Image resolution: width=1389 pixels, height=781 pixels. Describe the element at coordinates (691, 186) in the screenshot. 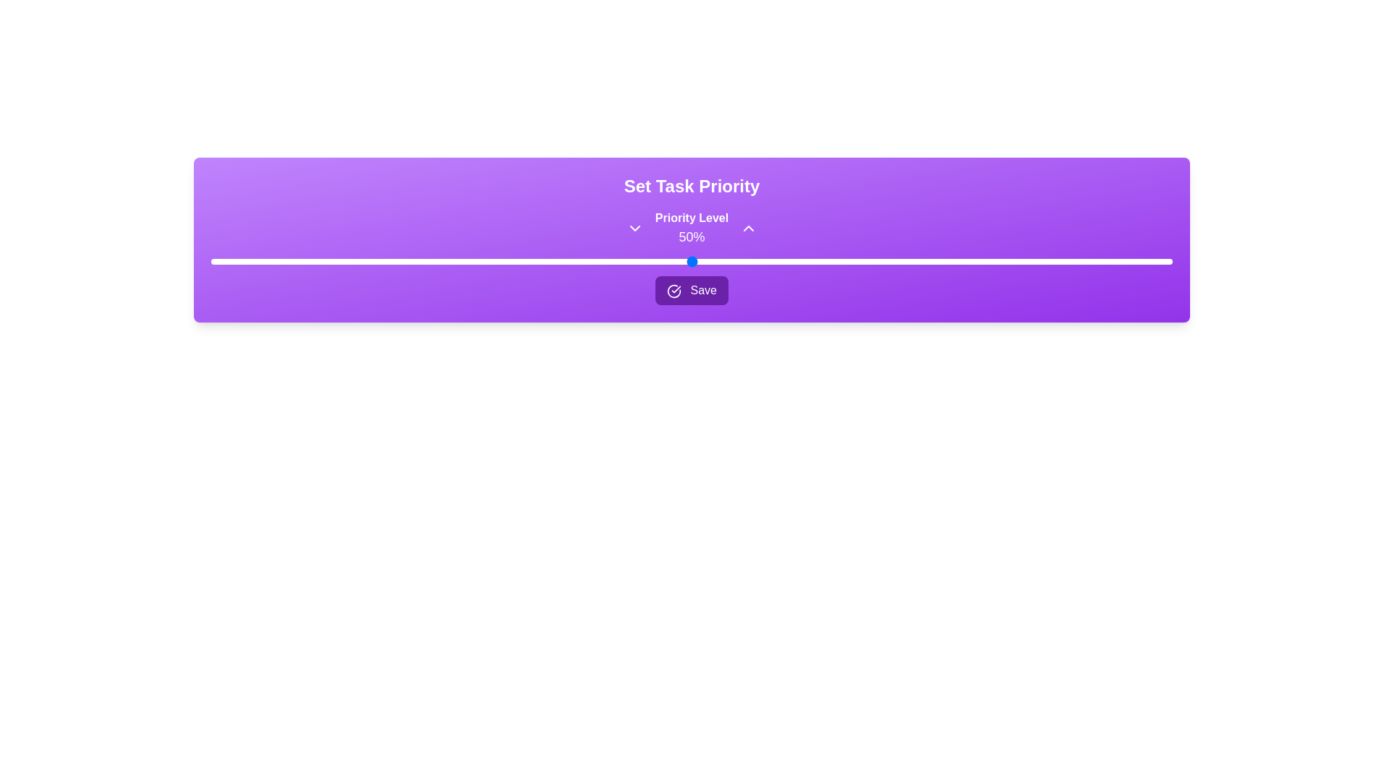

I see `the text label that serves as the title for the task priority setting module, located at the top-center of the section` at that location.